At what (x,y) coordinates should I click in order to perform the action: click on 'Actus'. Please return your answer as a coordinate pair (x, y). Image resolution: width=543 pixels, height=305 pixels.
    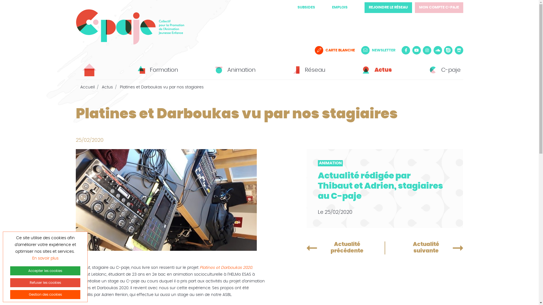
    Looking at the image, I should click on (107, 87).